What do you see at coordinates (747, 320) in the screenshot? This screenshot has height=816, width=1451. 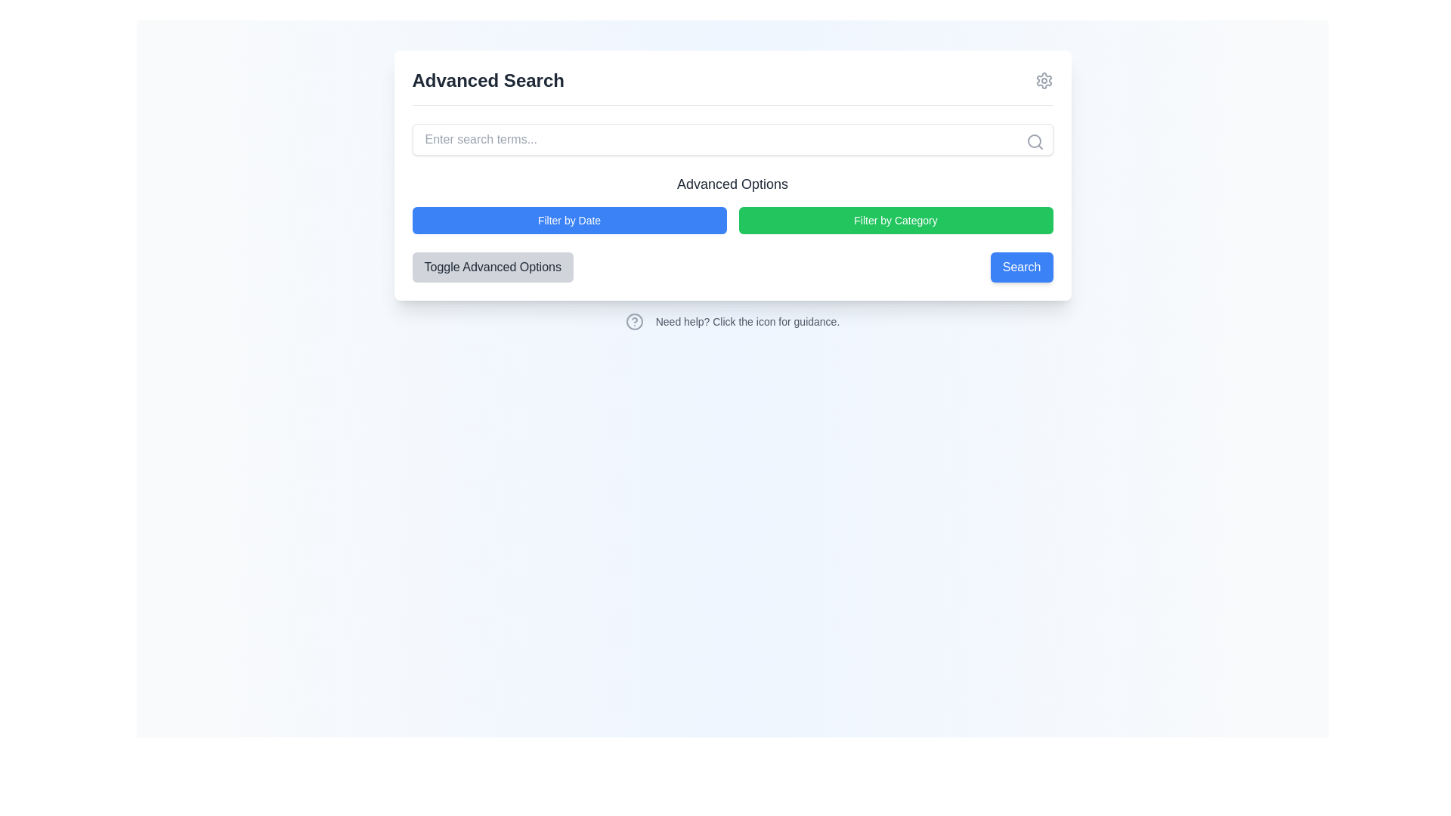 I see `informational text located to the right of the help icon, which clarifies the function of the icon for the user` at bounding box center [747, 320].